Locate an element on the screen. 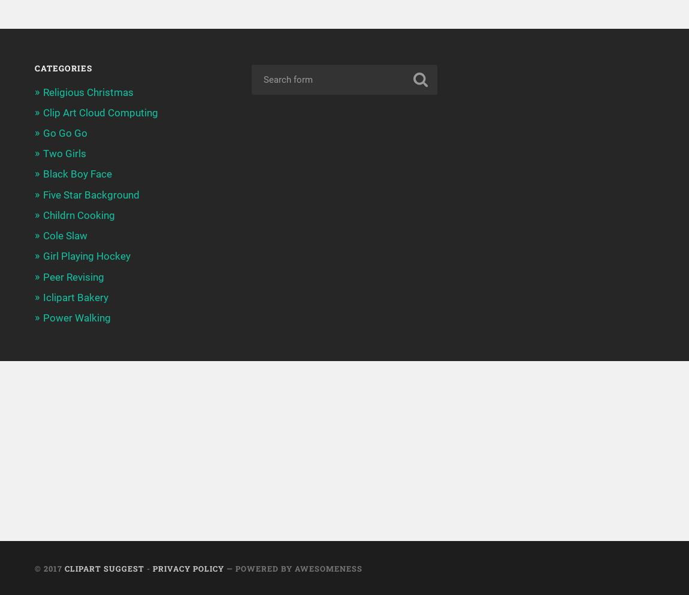 Image resolution: width=689 pixels, height=595 pixels. 'Cole Slaw' is located at coordinates (64, 236).